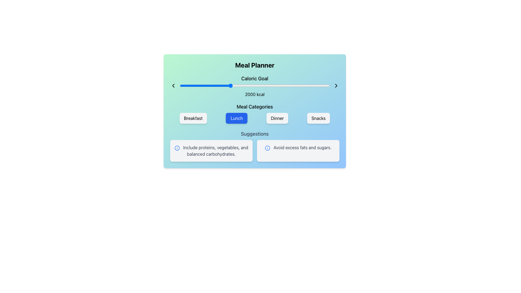 The width and height of the screenshot is (521, 293). Describe the element at coordinates (318, 118) in the screenshot. I see `the 'Snacks' category selector button located as the fourth button under the 'Meal Categories' label` at that location.